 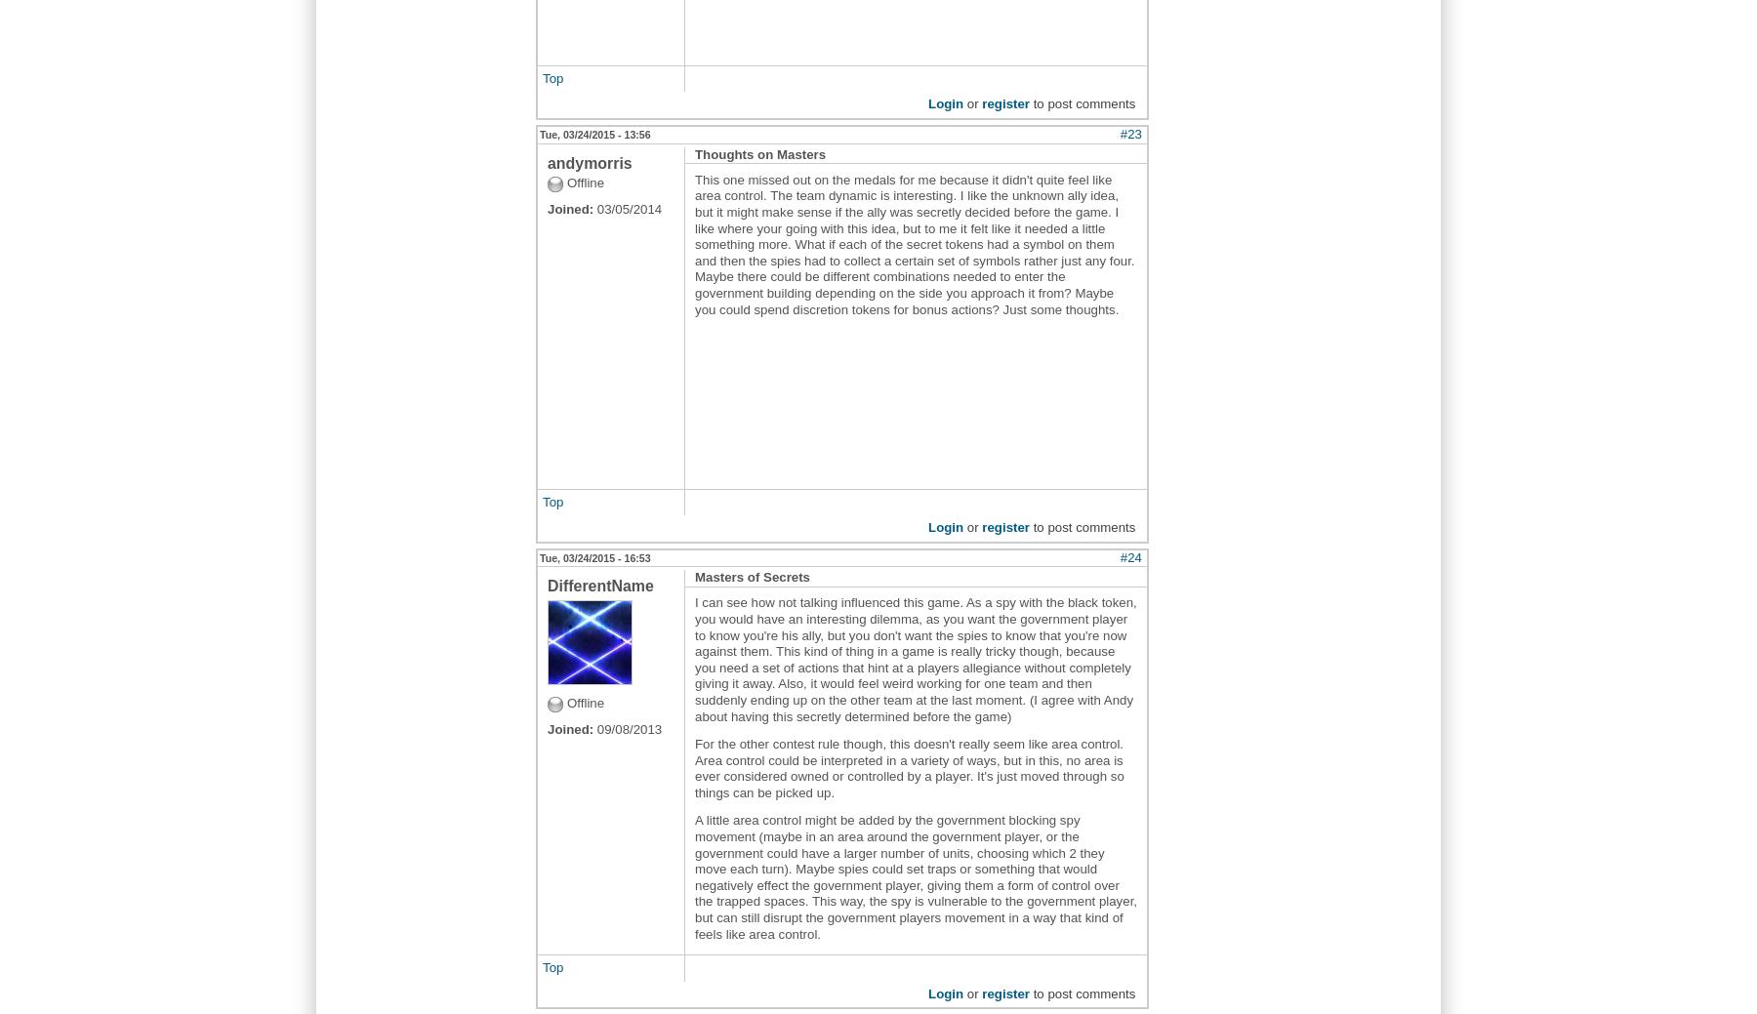 I want to click on 'Tue, 03/24/2015 - 16:53', so click(x=594, y=557).